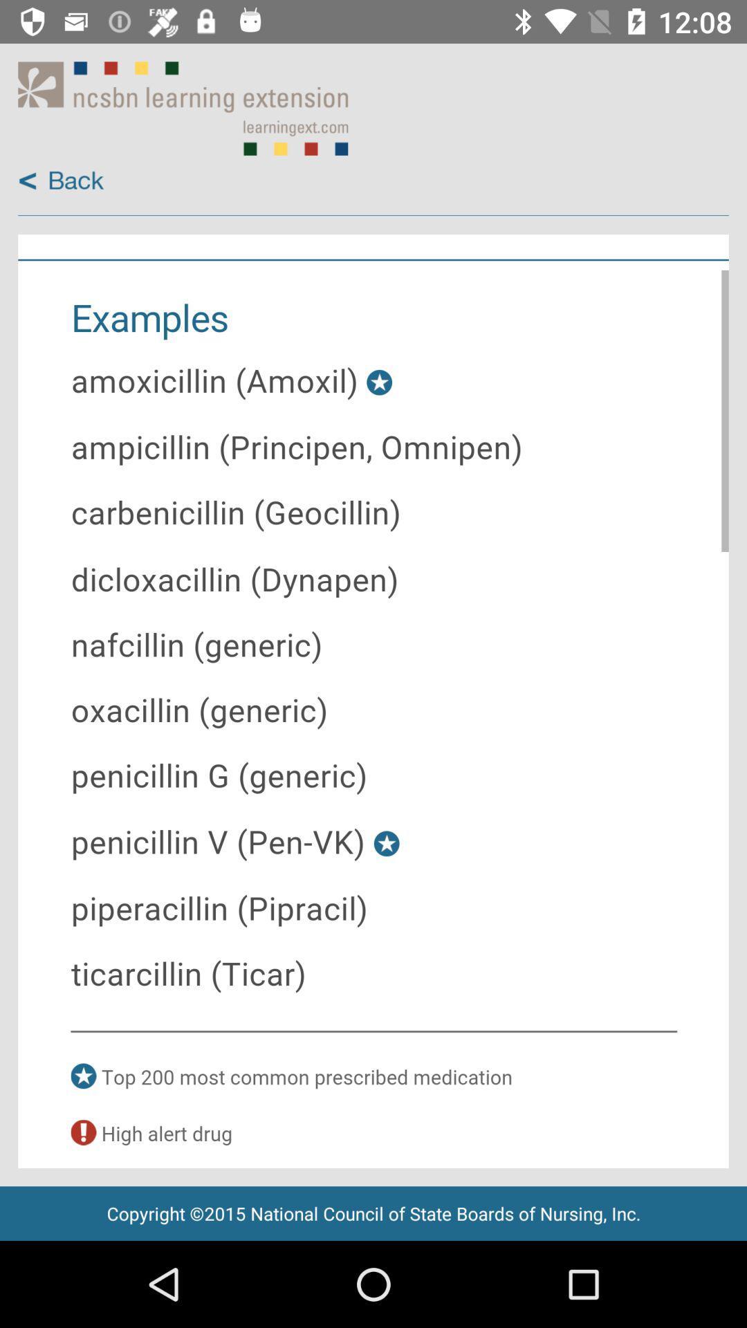 This screenshot has width=747, height=1328. I want to click on back, so click(60, 181).